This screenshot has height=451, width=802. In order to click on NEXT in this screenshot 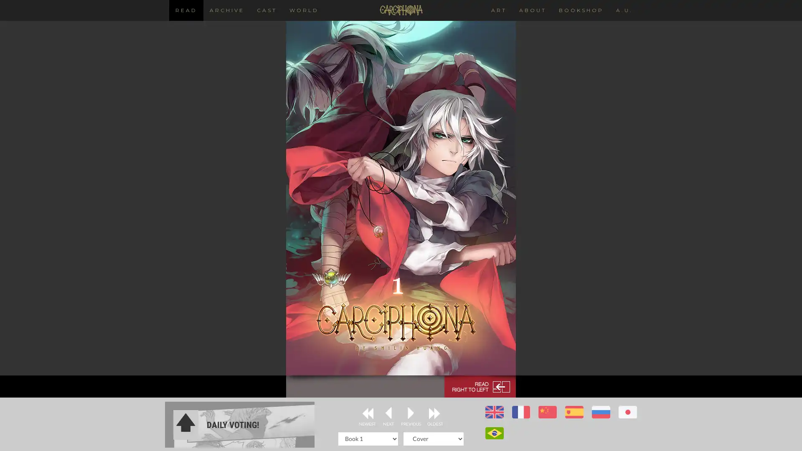, I will do `click(388, 414)`.